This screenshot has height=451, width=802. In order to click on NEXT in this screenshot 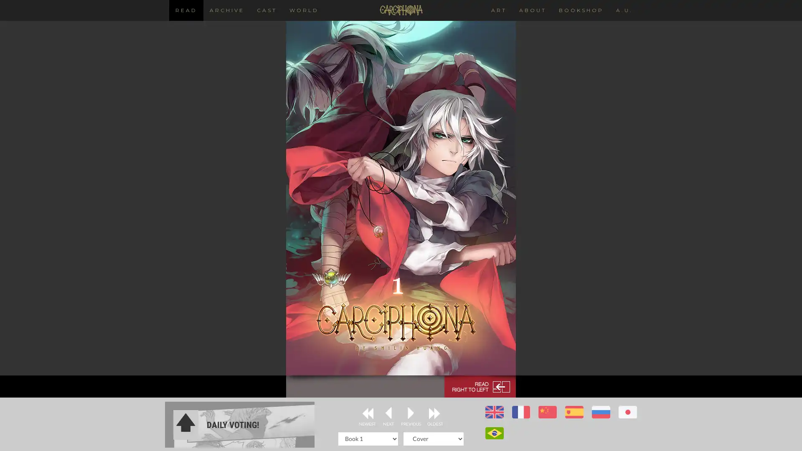, I will do `click(388, 414)`.